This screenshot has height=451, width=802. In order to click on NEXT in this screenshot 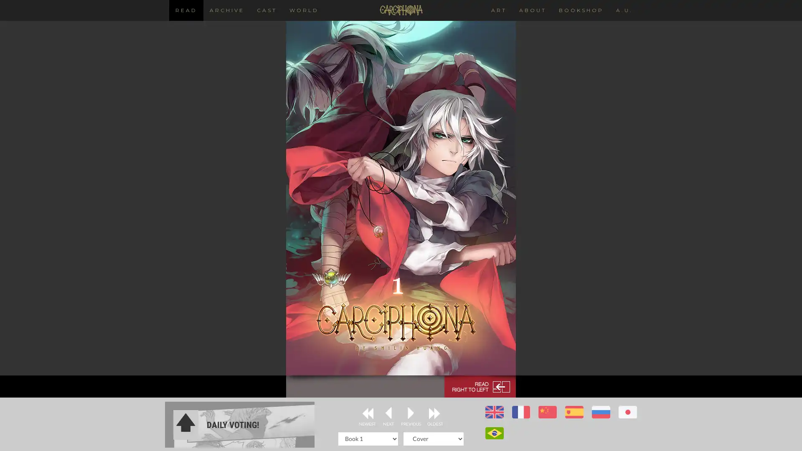, I will do `click(388, 414)`.